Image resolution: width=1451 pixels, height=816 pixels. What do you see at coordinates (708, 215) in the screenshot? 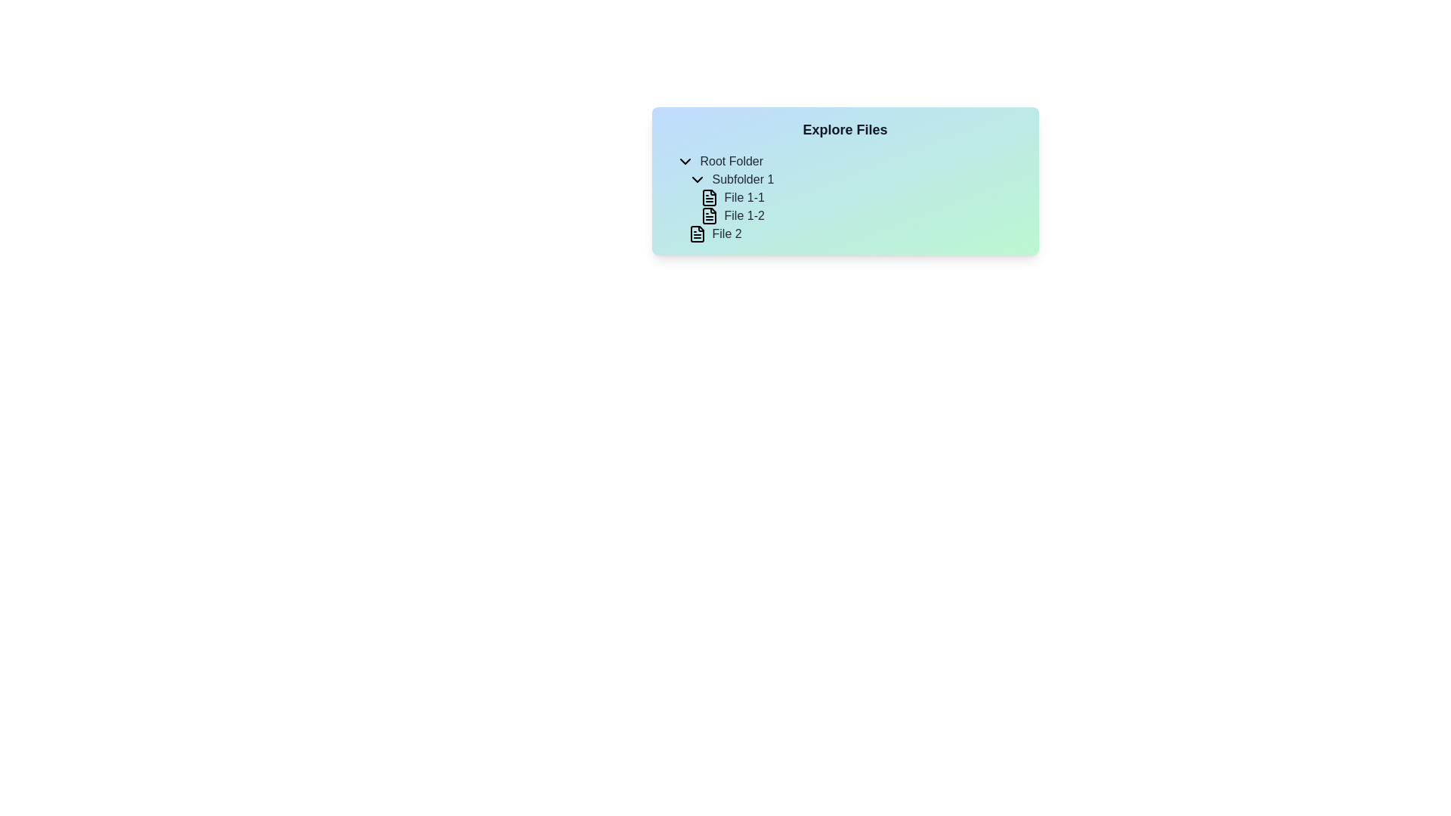
I see `the document icon vector graphic representing 'File 1-2' located in the second row under 'Subfolder 1' in the sidebar` at bounding box center [708, 215].